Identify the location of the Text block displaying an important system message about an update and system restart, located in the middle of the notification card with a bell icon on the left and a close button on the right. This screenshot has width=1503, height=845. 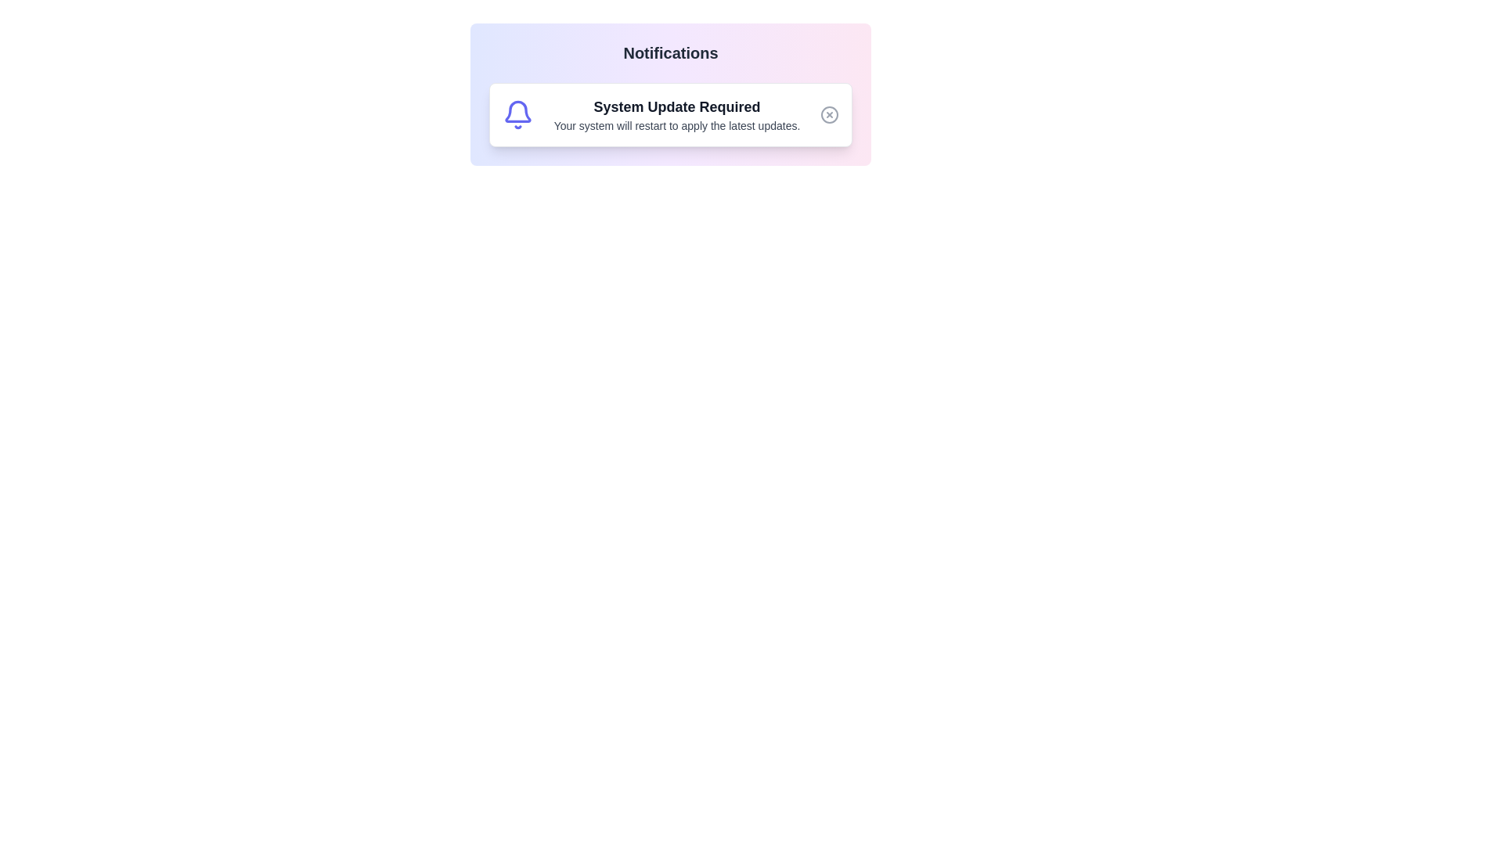
(676, 113).